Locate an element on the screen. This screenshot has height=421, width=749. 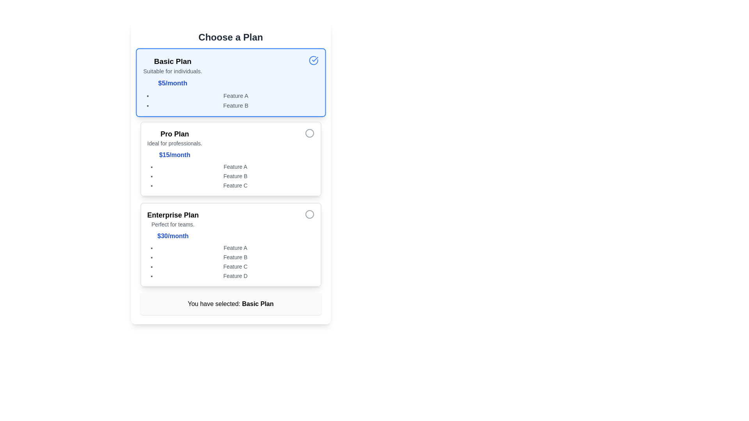
the third item in the vertically stacked list of features under the 'Pro Plan' section in the middle card of the layout is located at coordinates (235, 185).